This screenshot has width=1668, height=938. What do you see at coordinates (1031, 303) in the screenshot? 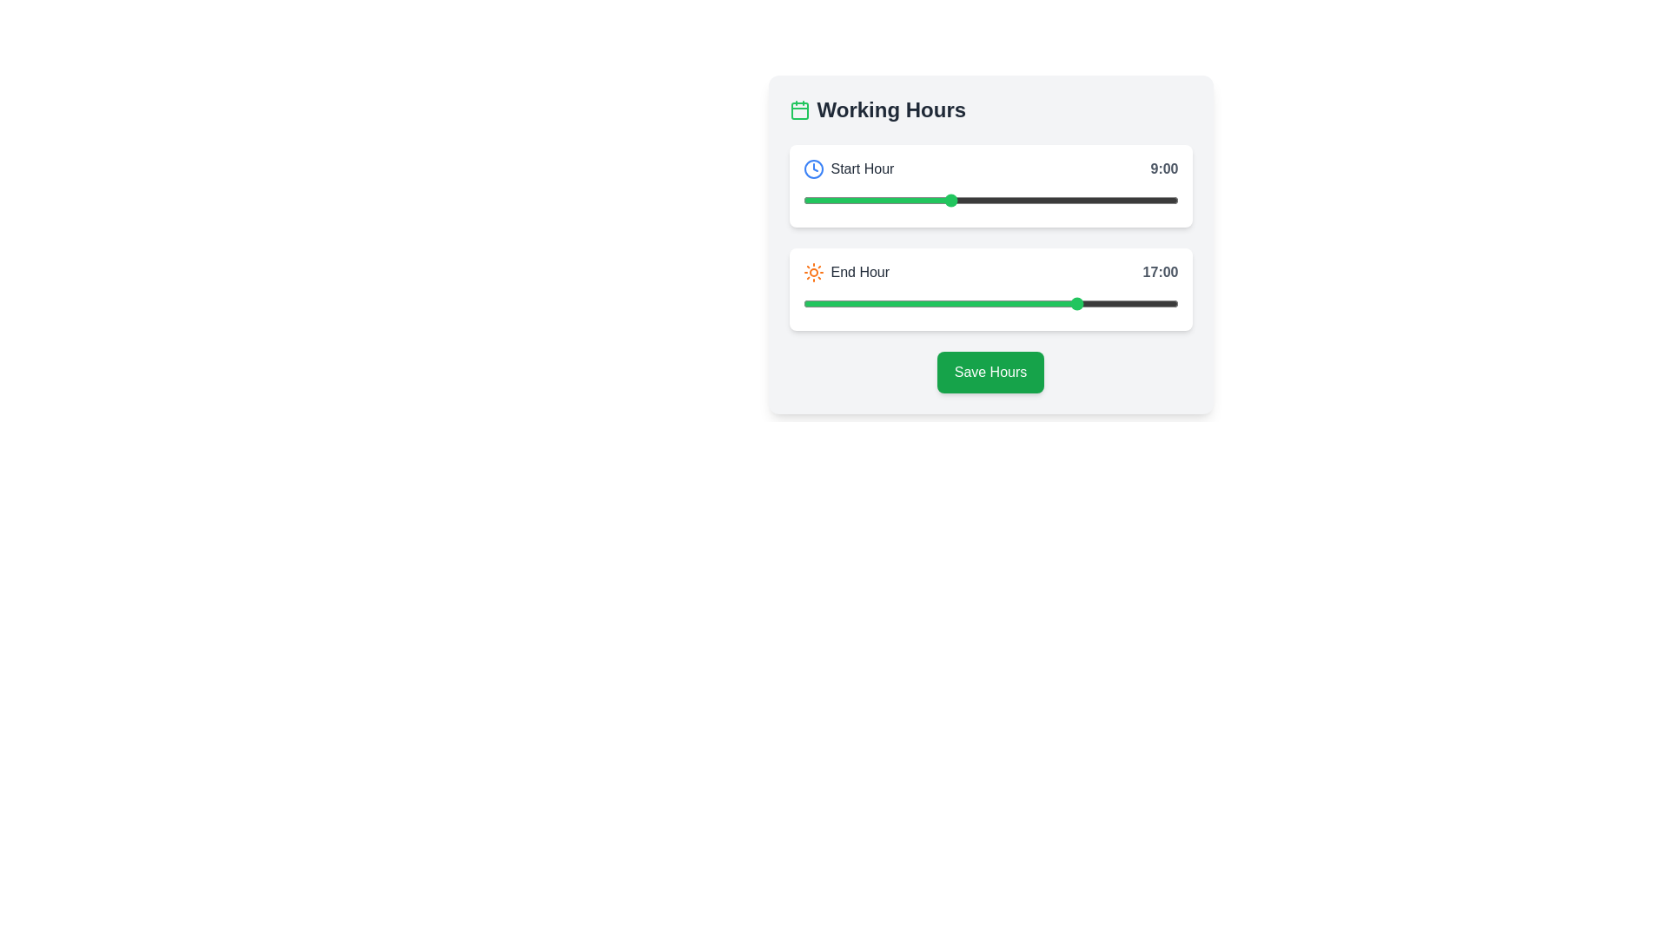
I see `the end hour` at bounding box center [1031, 303].